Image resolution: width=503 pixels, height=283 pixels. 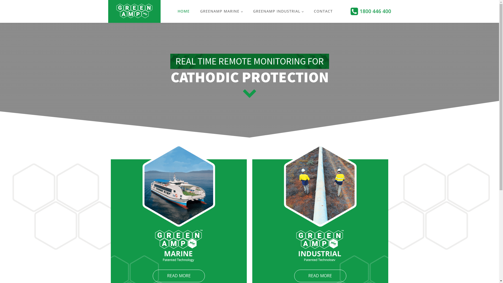 I want to click on 'GREENAMP INDUSTRIAL', so click(x=247, y=11).